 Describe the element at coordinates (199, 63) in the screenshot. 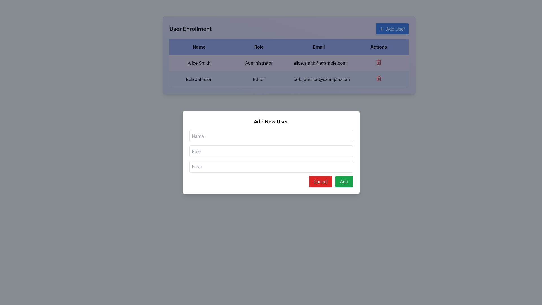

I see `the text label displaying 'Alice Smith' located in the first row of the table under the 'Name' column for interaction` at that location.